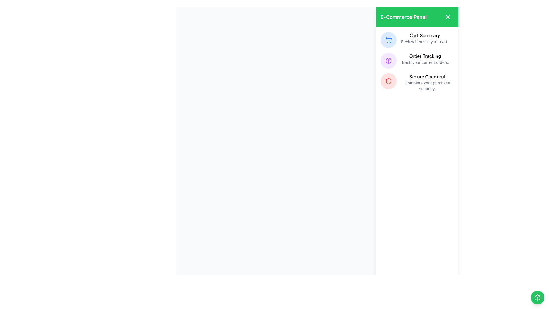 This screenshot has height=309, width=549. Describe the element at coordinates (388, 39) in the screenshot. I see `the blue shopping cart icon located in the top section of the E-Commerce Panel` at that location.